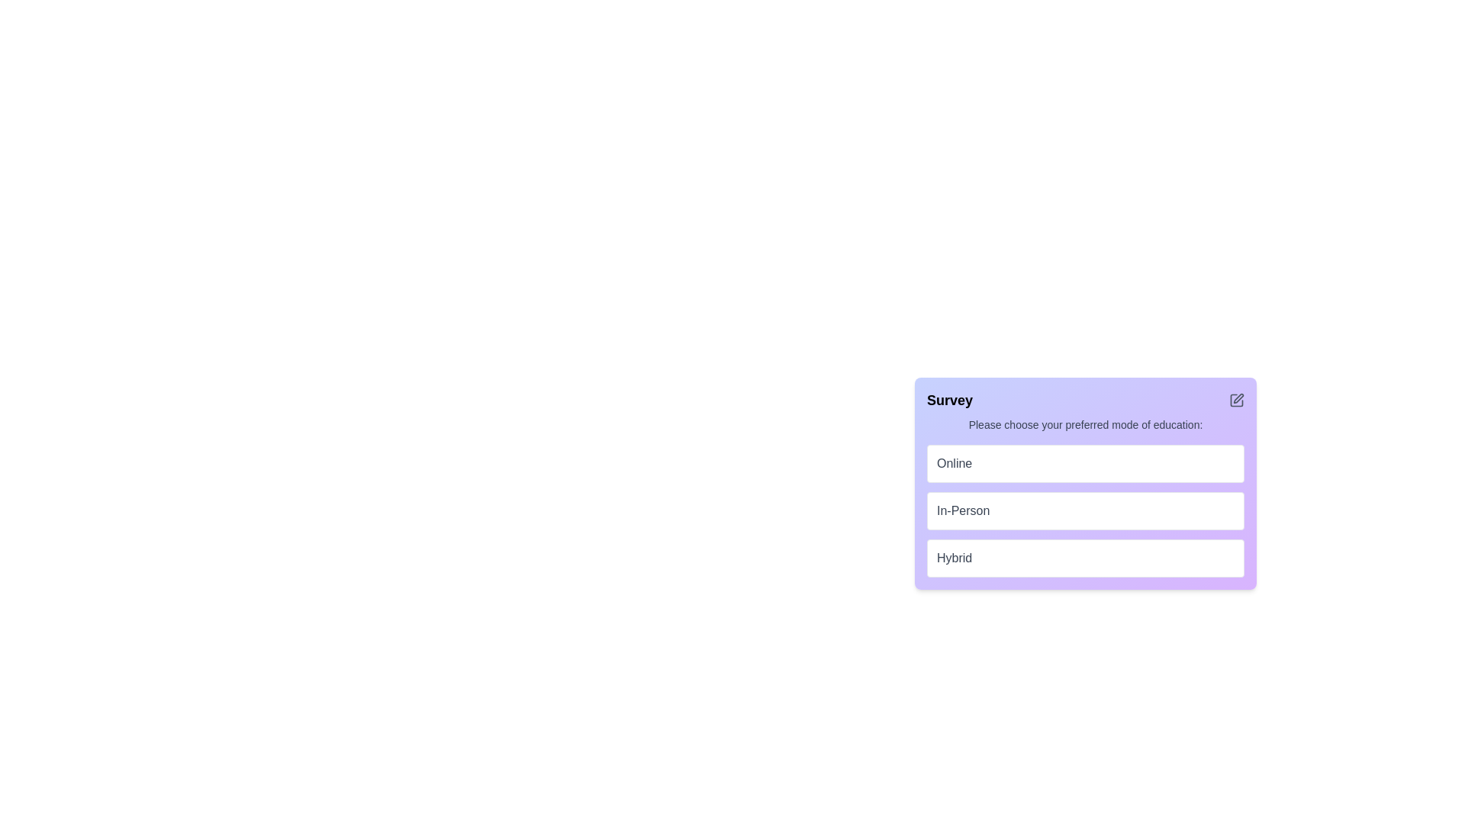  Describe the element at coordinates (1084, 528) in the screenshot. I see `the 'In-Person' option button, which is the second option in a vertically stacked list of three options within a centered modal` at that location.